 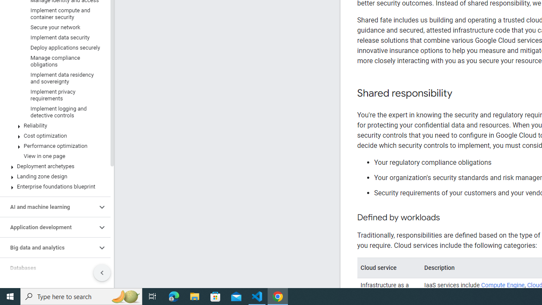 What do you see at coordinates (102, 273) in the screenshot?
I see `'Hide side navigation'` at bounding box center [102, 273].